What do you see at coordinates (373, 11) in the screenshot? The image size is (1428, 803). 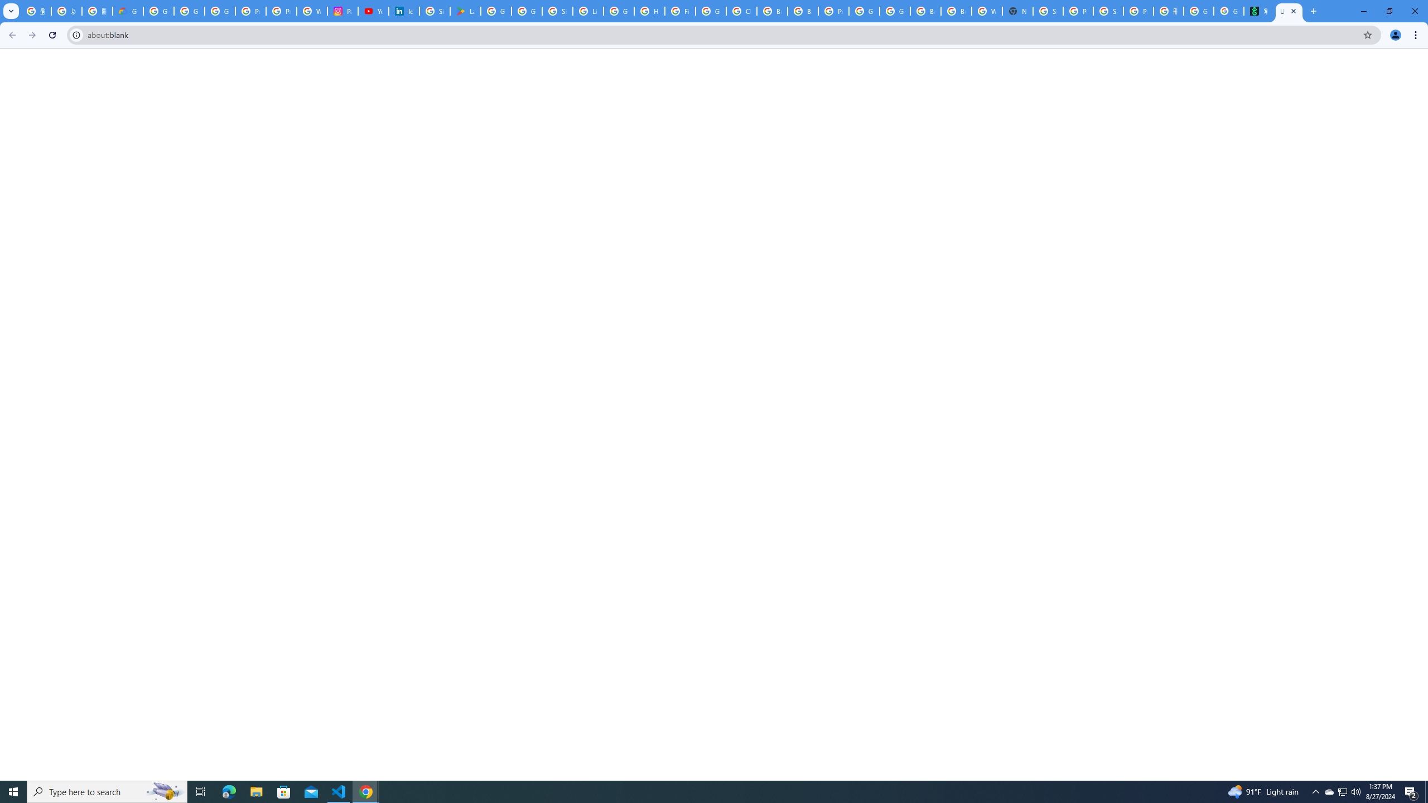 I see `'YouTube Culture & Trends - On The Rise: Handcam Videos'` at bounding box center [373, 11].